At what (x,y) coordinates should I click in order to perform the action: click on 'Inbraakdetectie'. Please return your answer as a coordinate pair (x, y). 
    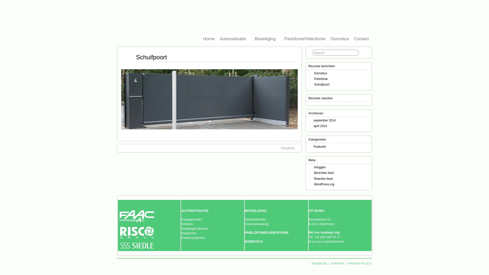
    Looking at the image, I should click on (255, 219).